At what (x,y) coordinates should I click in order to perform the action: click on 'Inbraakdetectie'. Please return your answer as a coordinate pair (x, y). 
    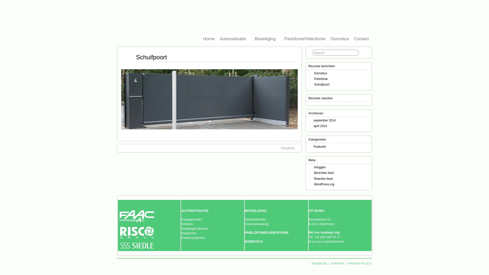
    Looking at the image, I should click on (255, 219).